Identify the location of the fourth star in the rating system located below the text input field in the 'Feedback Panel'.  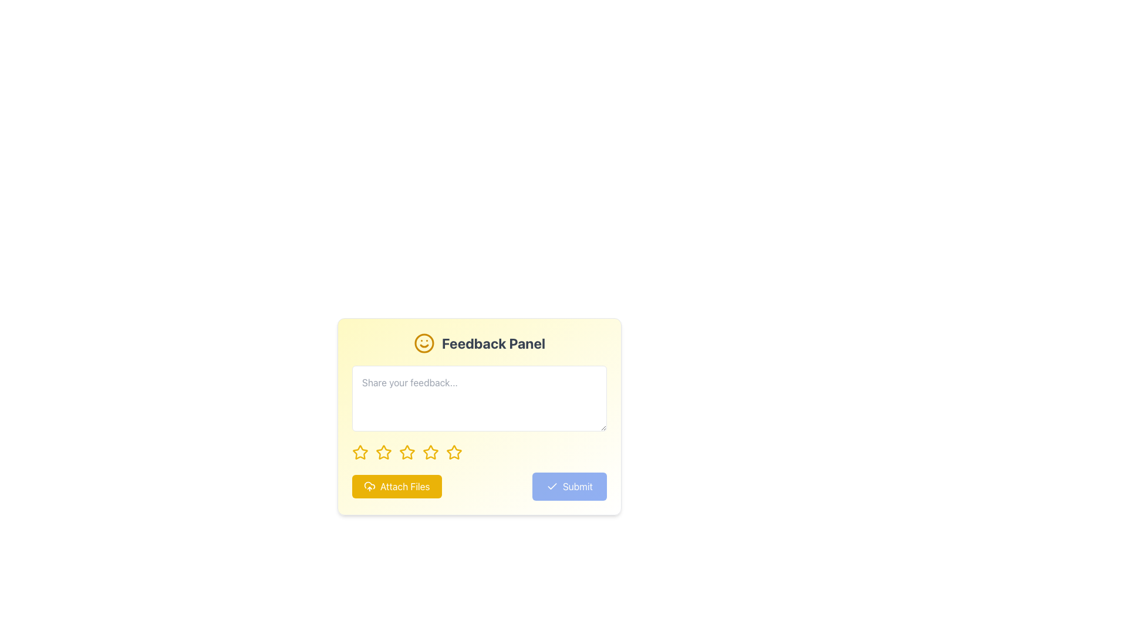
(430, 451).